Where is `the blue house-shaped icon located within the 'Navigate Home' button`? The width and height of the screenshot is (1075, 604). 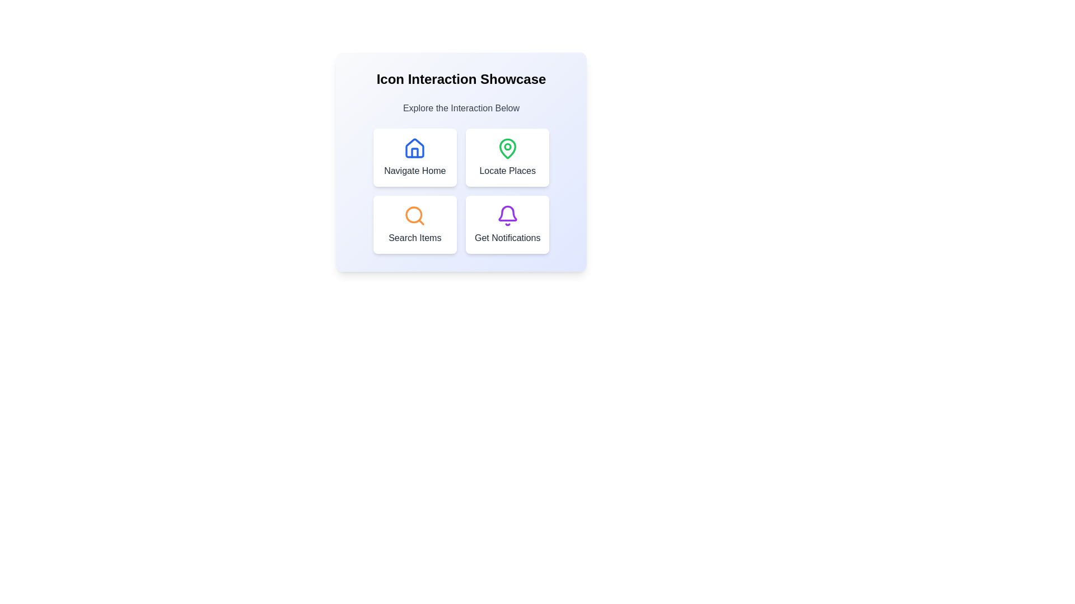 the blue house-shaped icon located within the 'Navigate Home' button is located at coordinates (414, 148).